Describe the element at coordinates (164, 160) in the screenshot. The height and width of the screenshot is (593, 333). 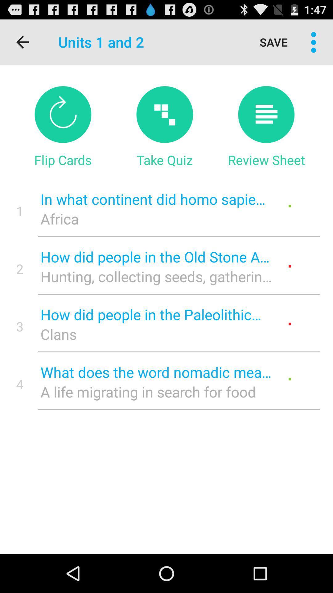
I see `icon next to flip cards item` at that location.